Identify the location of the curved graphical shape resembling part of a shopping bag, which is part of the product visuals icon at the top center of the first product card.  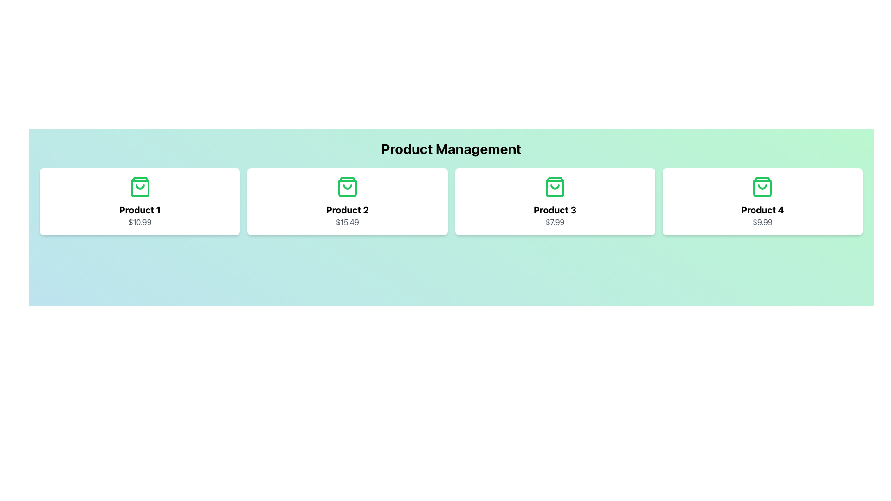
(139, 186).